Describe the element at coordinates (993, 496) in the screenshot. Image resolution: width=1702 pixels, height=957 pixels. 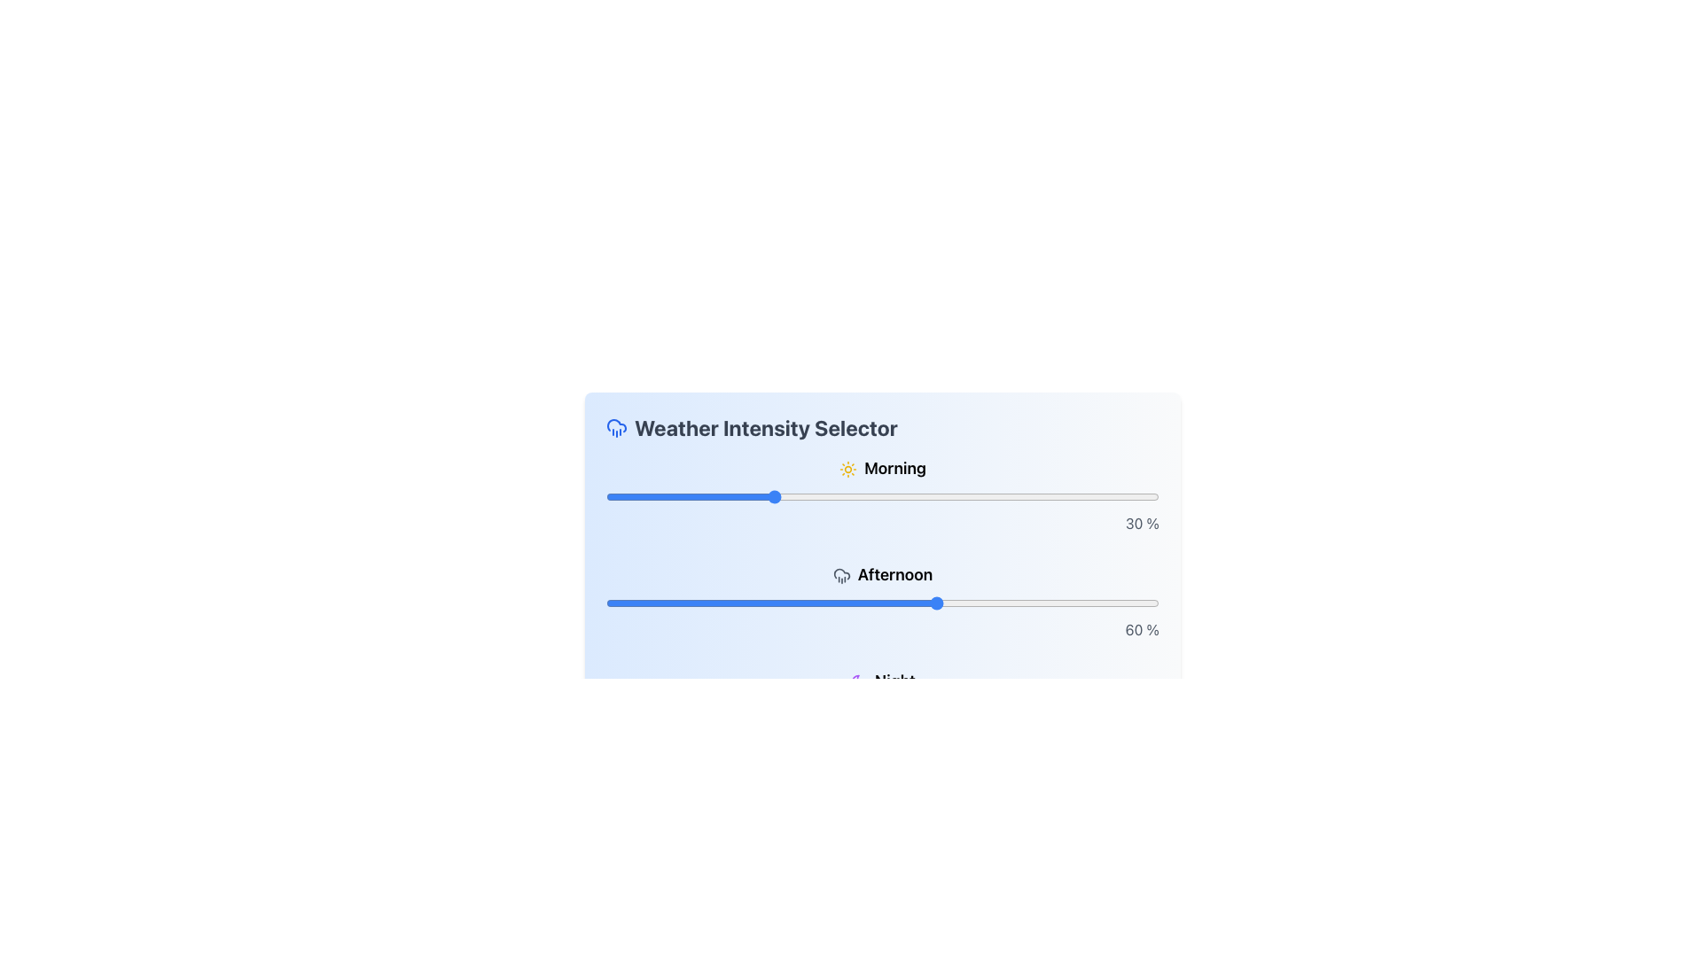
I see `the morning weather intensity` at that location.